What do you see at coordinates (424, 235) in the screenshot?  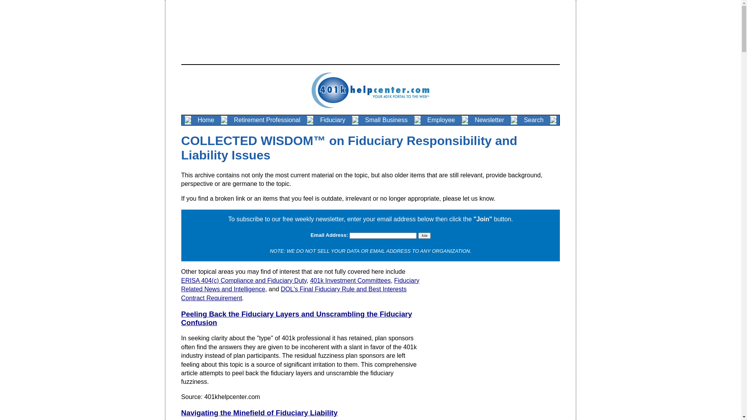 I see `'Join'` at bounding box center [424, 235].